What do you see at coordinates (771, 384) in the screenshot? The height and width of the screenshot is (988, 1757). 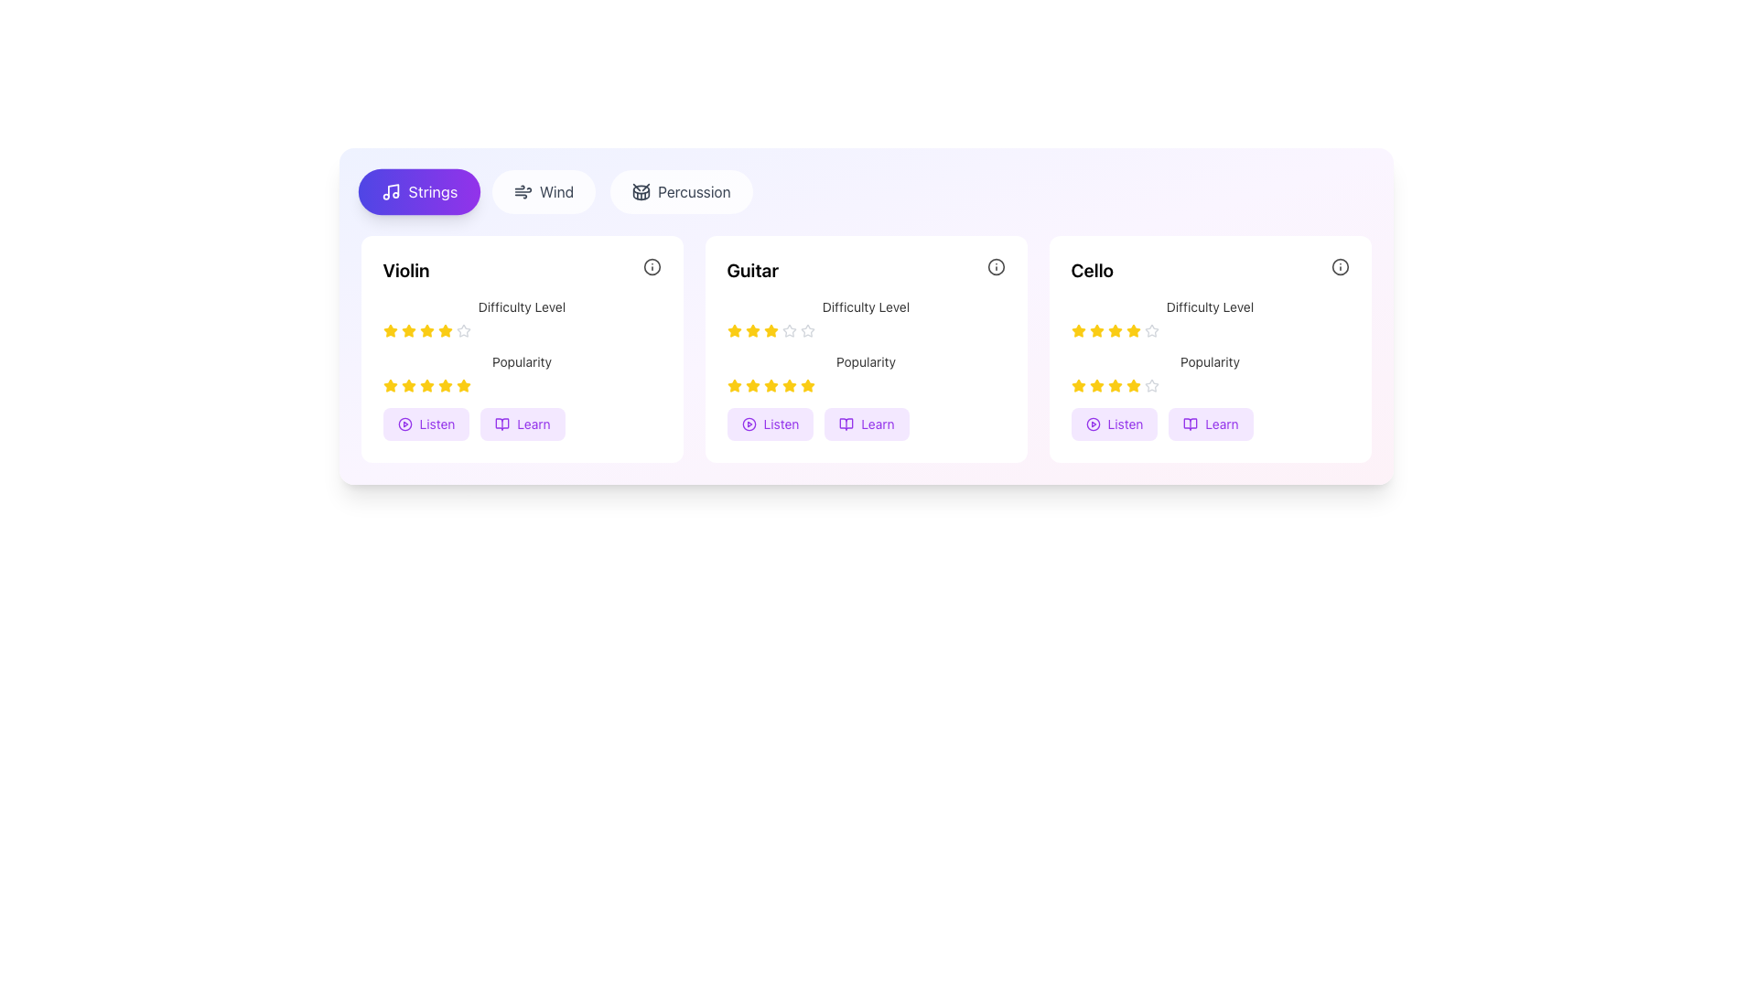 I see `the fourth star icon in the popularity rating of the 'Guitar' card, which visually represents the fourth star in a five-star rating system` at bounding box center [771, 384].